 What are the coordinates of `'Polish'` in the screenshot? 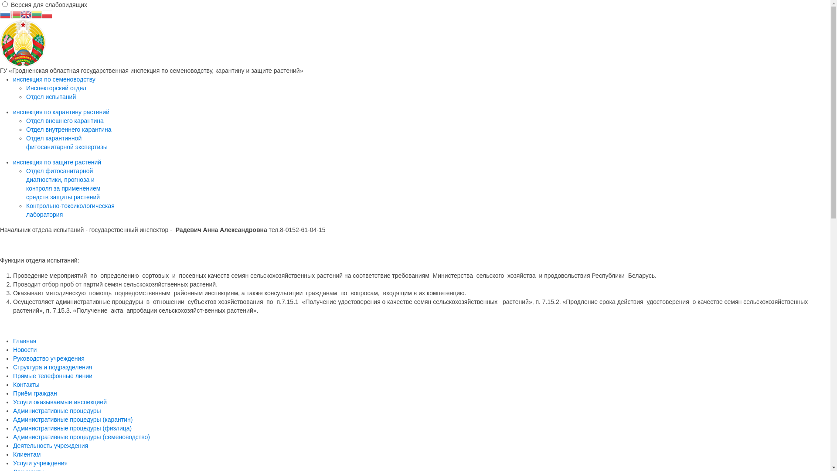 It's located at (47, 14).